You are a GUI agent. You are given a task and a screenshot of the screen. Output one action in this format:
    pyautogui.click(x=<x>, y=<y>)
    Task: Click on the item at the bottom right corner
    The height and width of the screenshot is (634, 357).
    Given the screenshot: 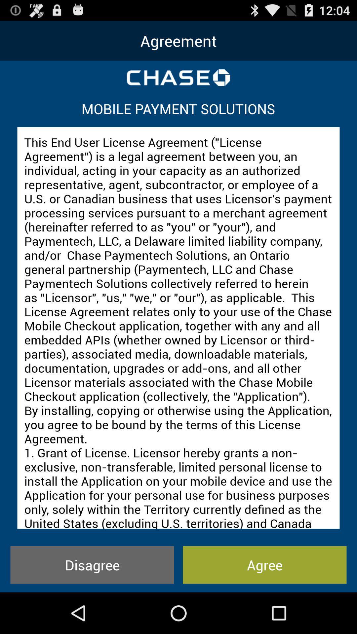 What is the action you would take?
    pyautogui.click(x=264, y=564)
    